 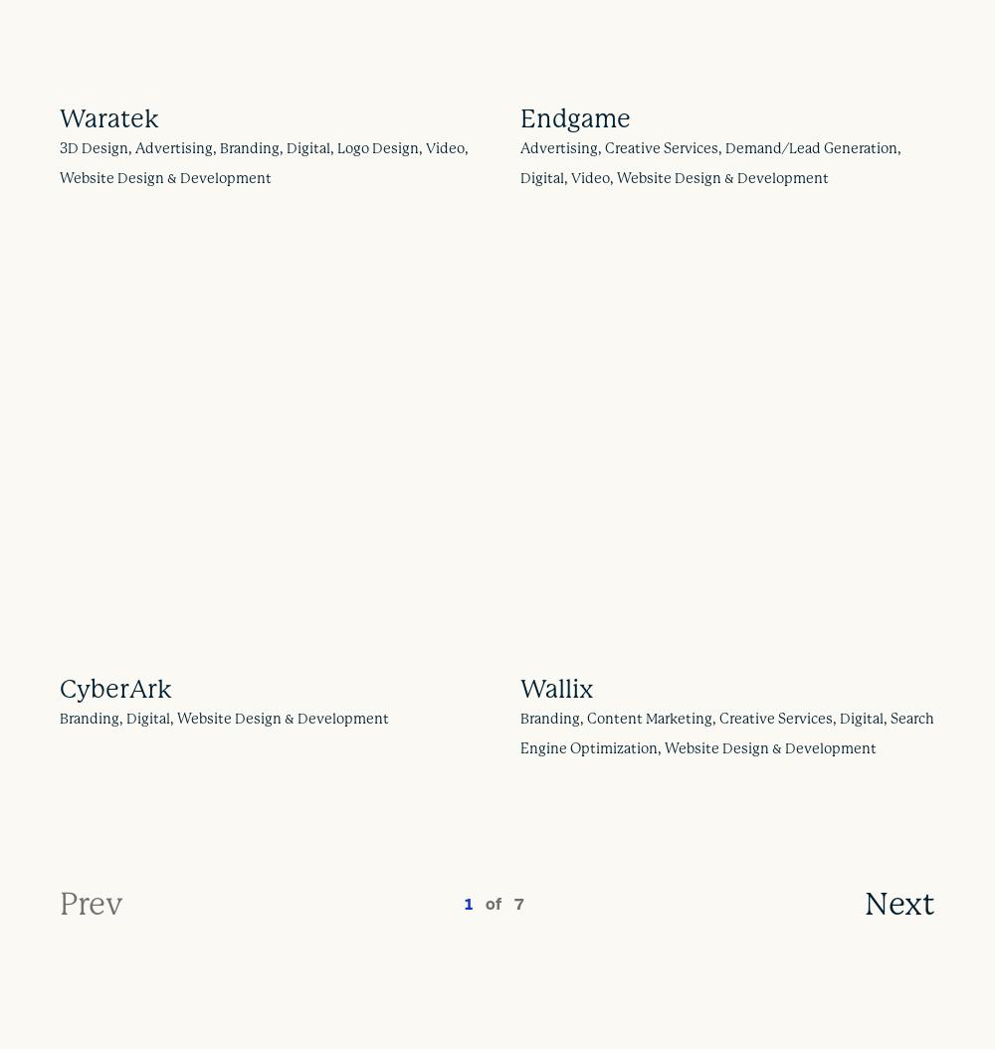 What do you see at coordinates (899, 901) in the screenshot?
I see `'Next'` at bounding box center [899, 901].